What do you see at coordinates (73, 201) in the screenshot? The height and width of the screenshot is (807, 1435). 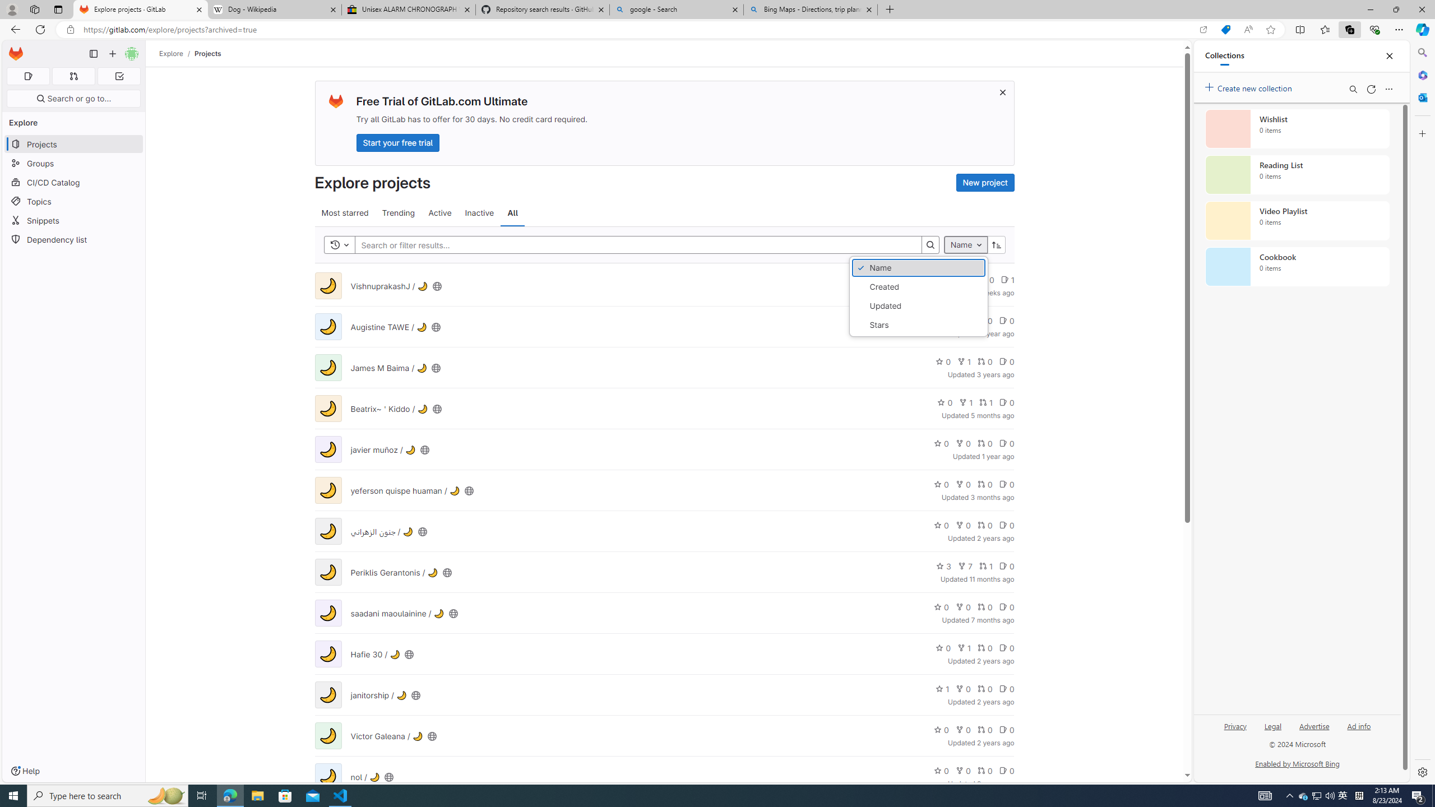 I see `'Topics'` at bounding box center [73, 201].